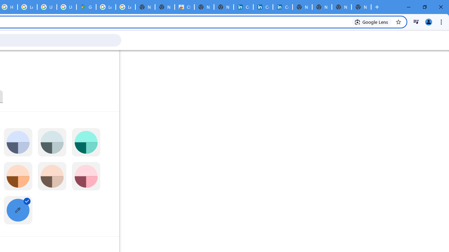  I want to click on 'Cookie Policy | LinkedIn', so click(243, 7).